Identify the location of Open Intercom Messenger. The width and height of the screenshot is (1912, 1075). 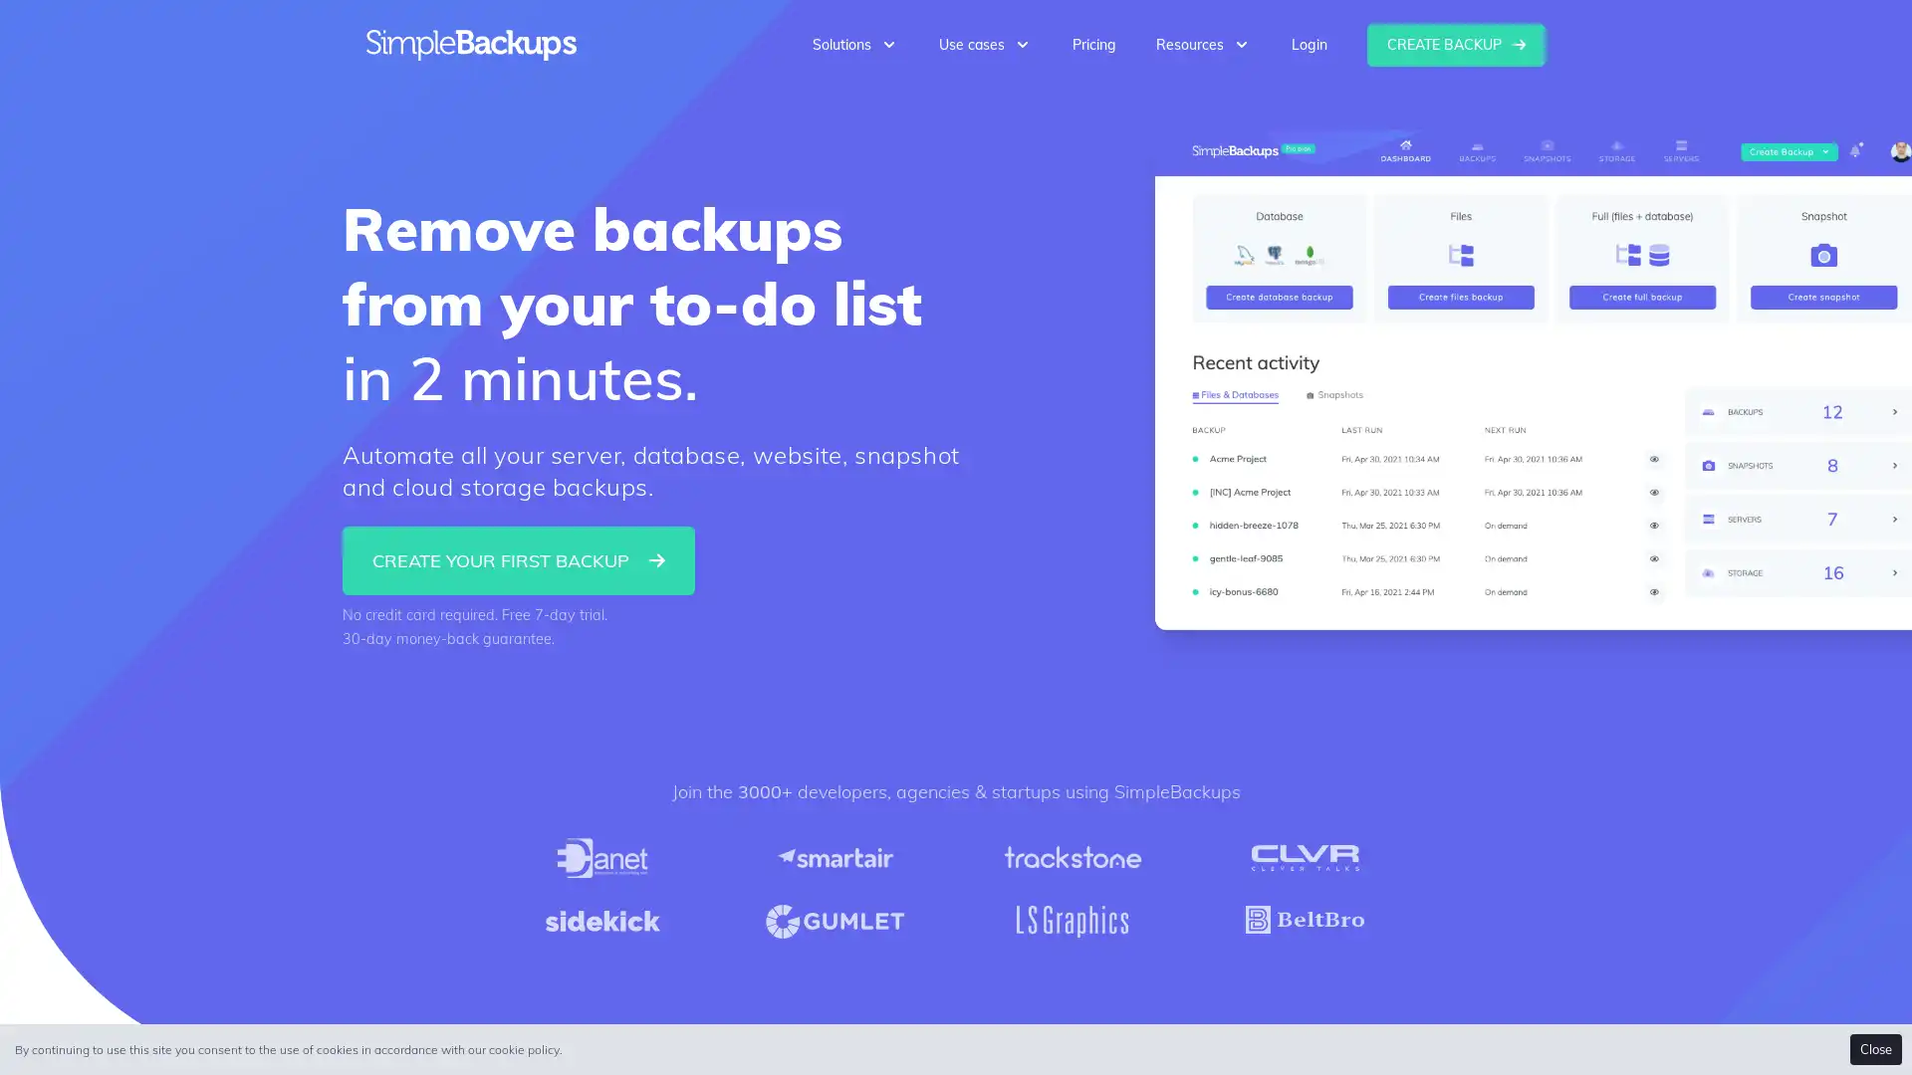
(1861, 994).